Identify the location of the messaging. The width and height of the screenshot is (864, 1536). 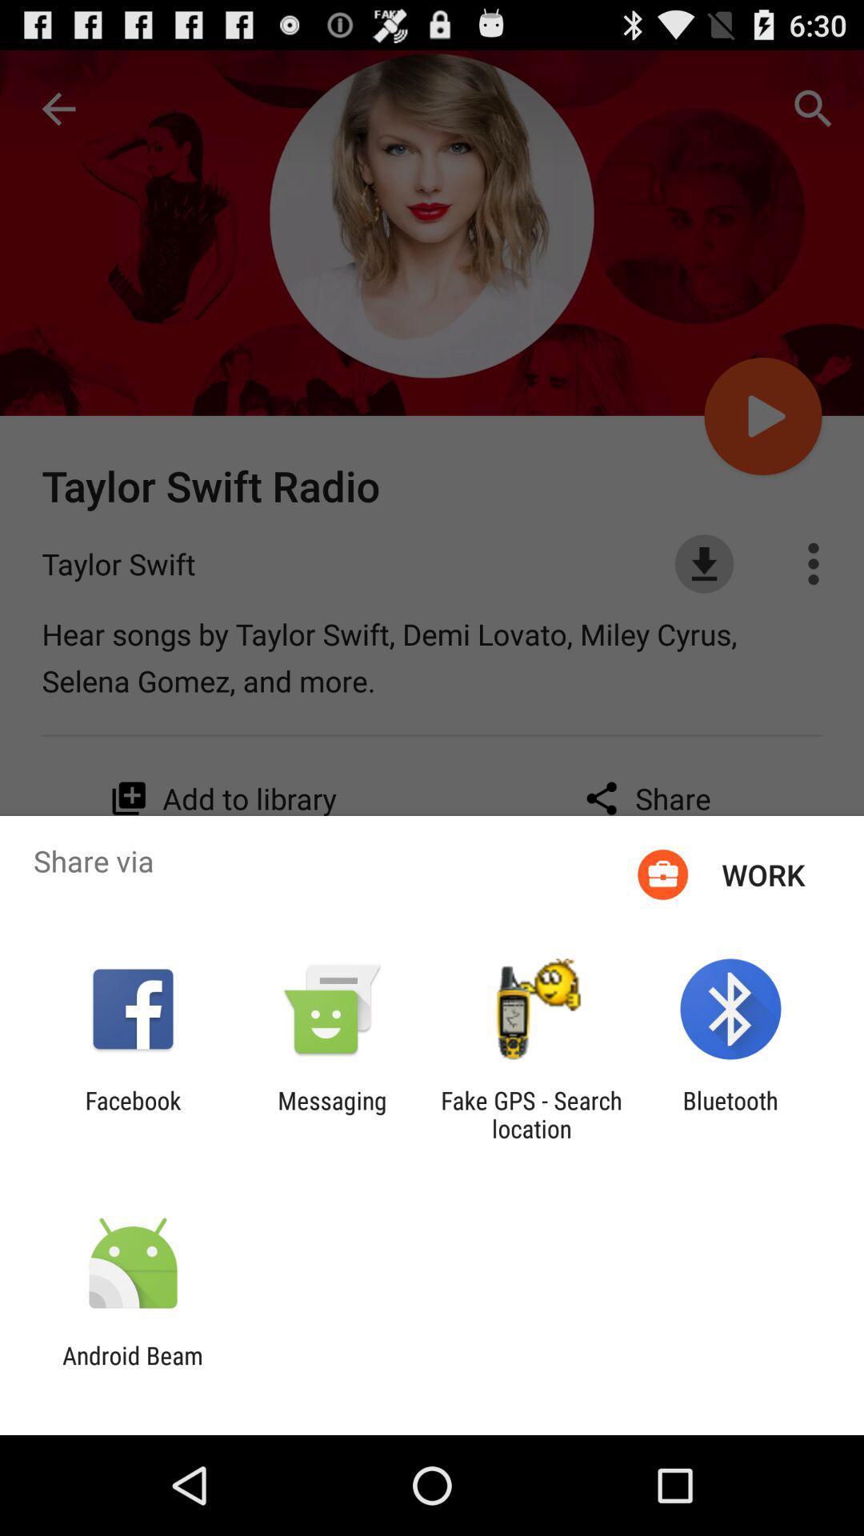
(331, 1114).